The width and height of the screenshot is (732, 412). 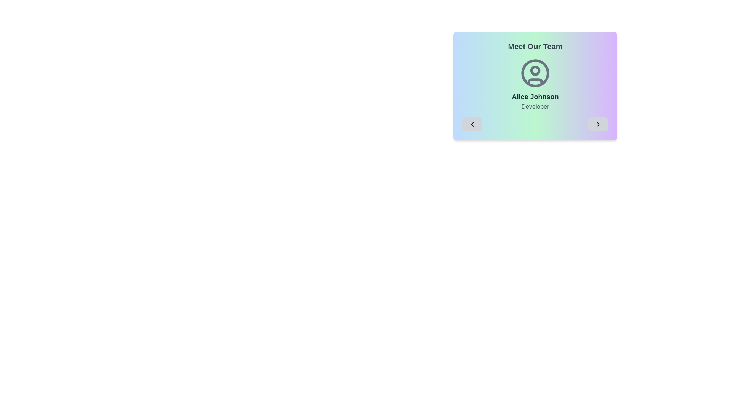 I want to click on associated name 'Alice Johnson' and title 'Developer' by interacting with the user profile icon, which is a circular representation located at the center of the top section of the 'Meet Our Team' card, so click(x=535, y=73).